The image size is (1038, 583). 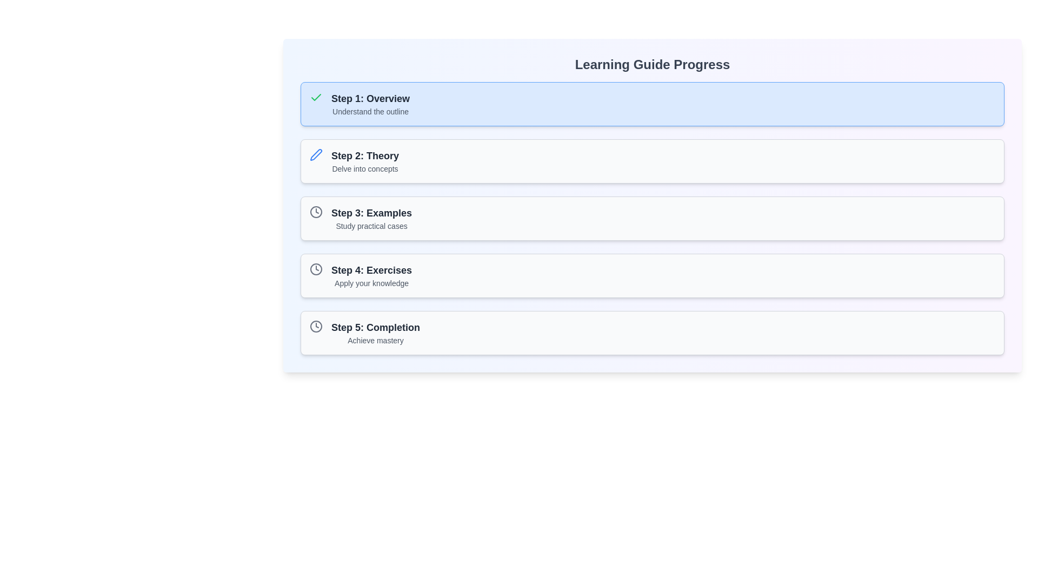 What do you see at coordinates (370, 112) in the screenshot?
I see `the text label that reads 'Understand the outline', which is located beneath the title 'Step 1: Overview' in the learning guide interface` at bounding box center [370, 112].